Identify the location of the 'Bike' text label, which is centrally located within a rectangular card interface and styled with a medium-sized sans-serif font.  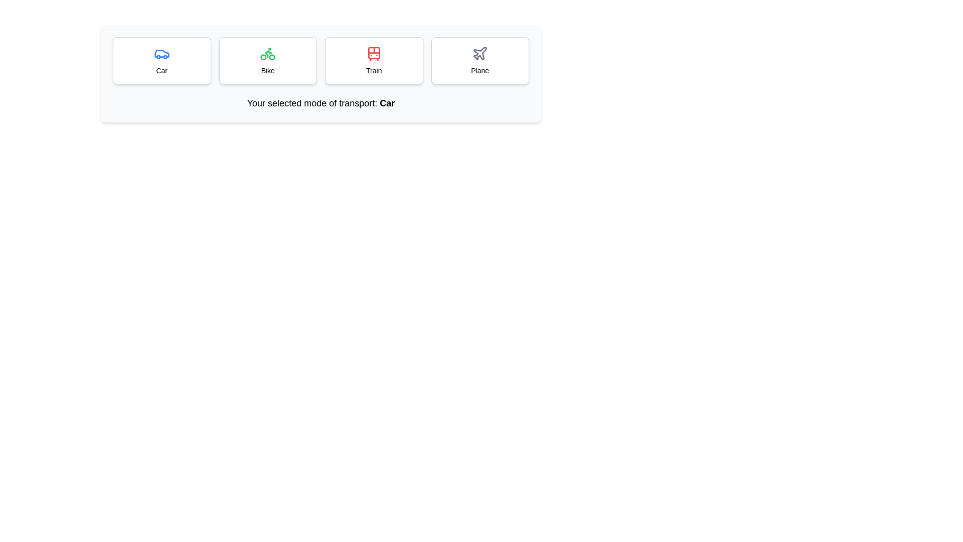
(268, 70).